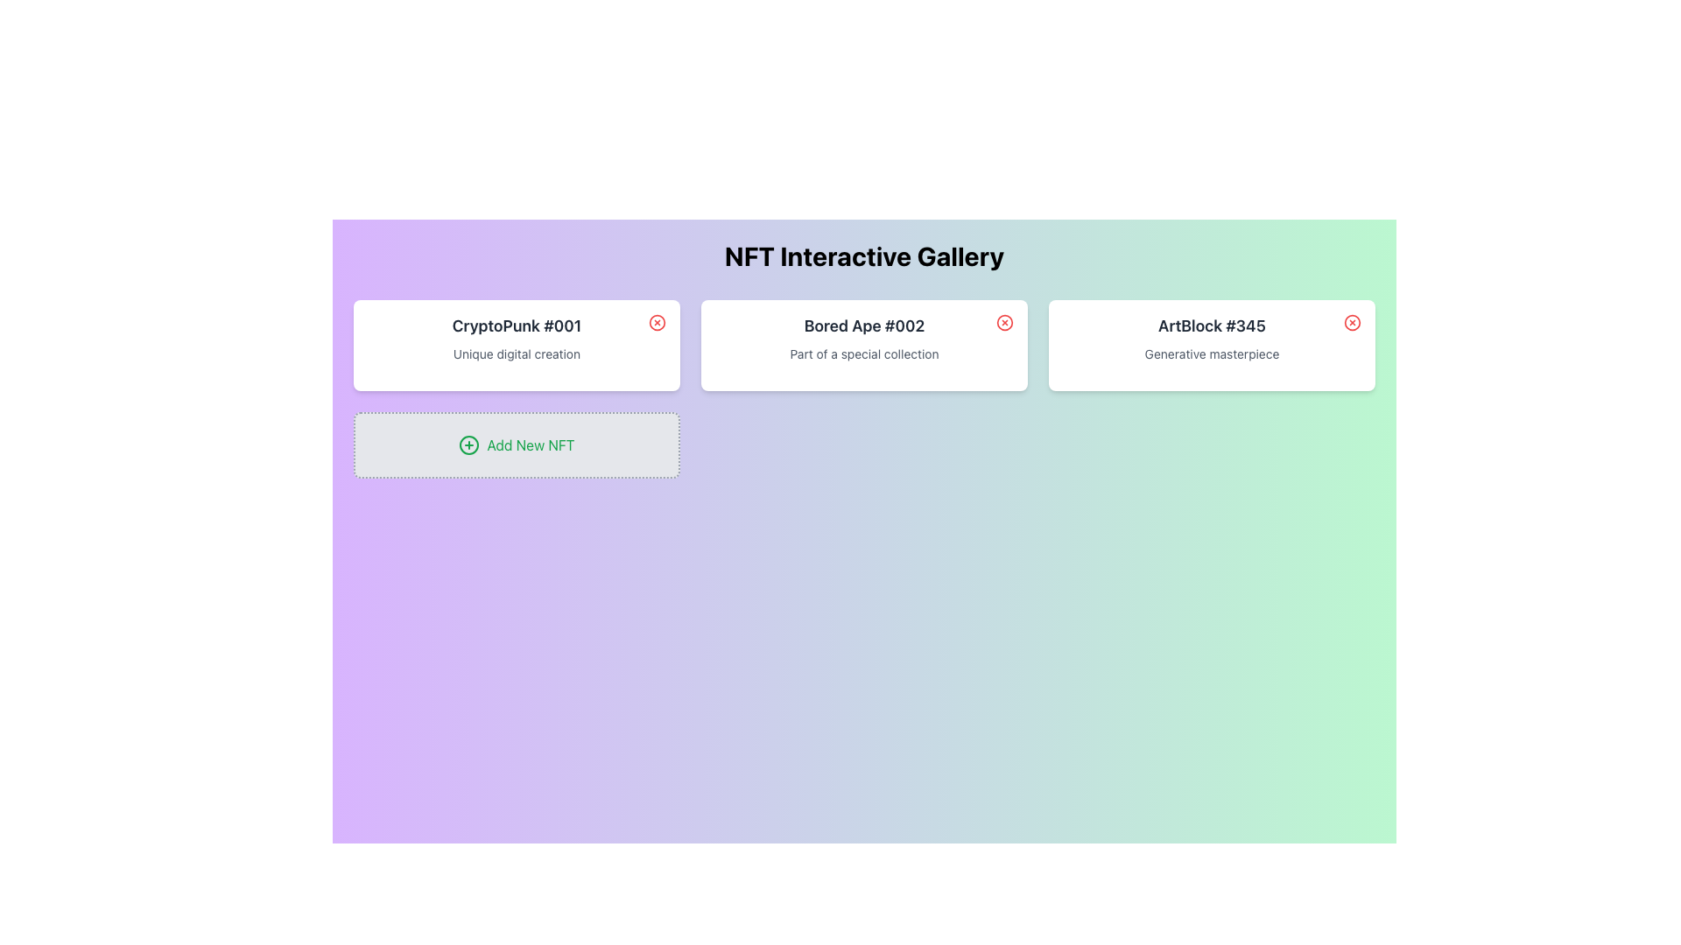  Describe the element at coordinates (656, 323) in the screenshot. I see `the SVG Circle Component representing the close (x) button located in the top-right corner of the 'Cryptopunk #001' card` at that location.